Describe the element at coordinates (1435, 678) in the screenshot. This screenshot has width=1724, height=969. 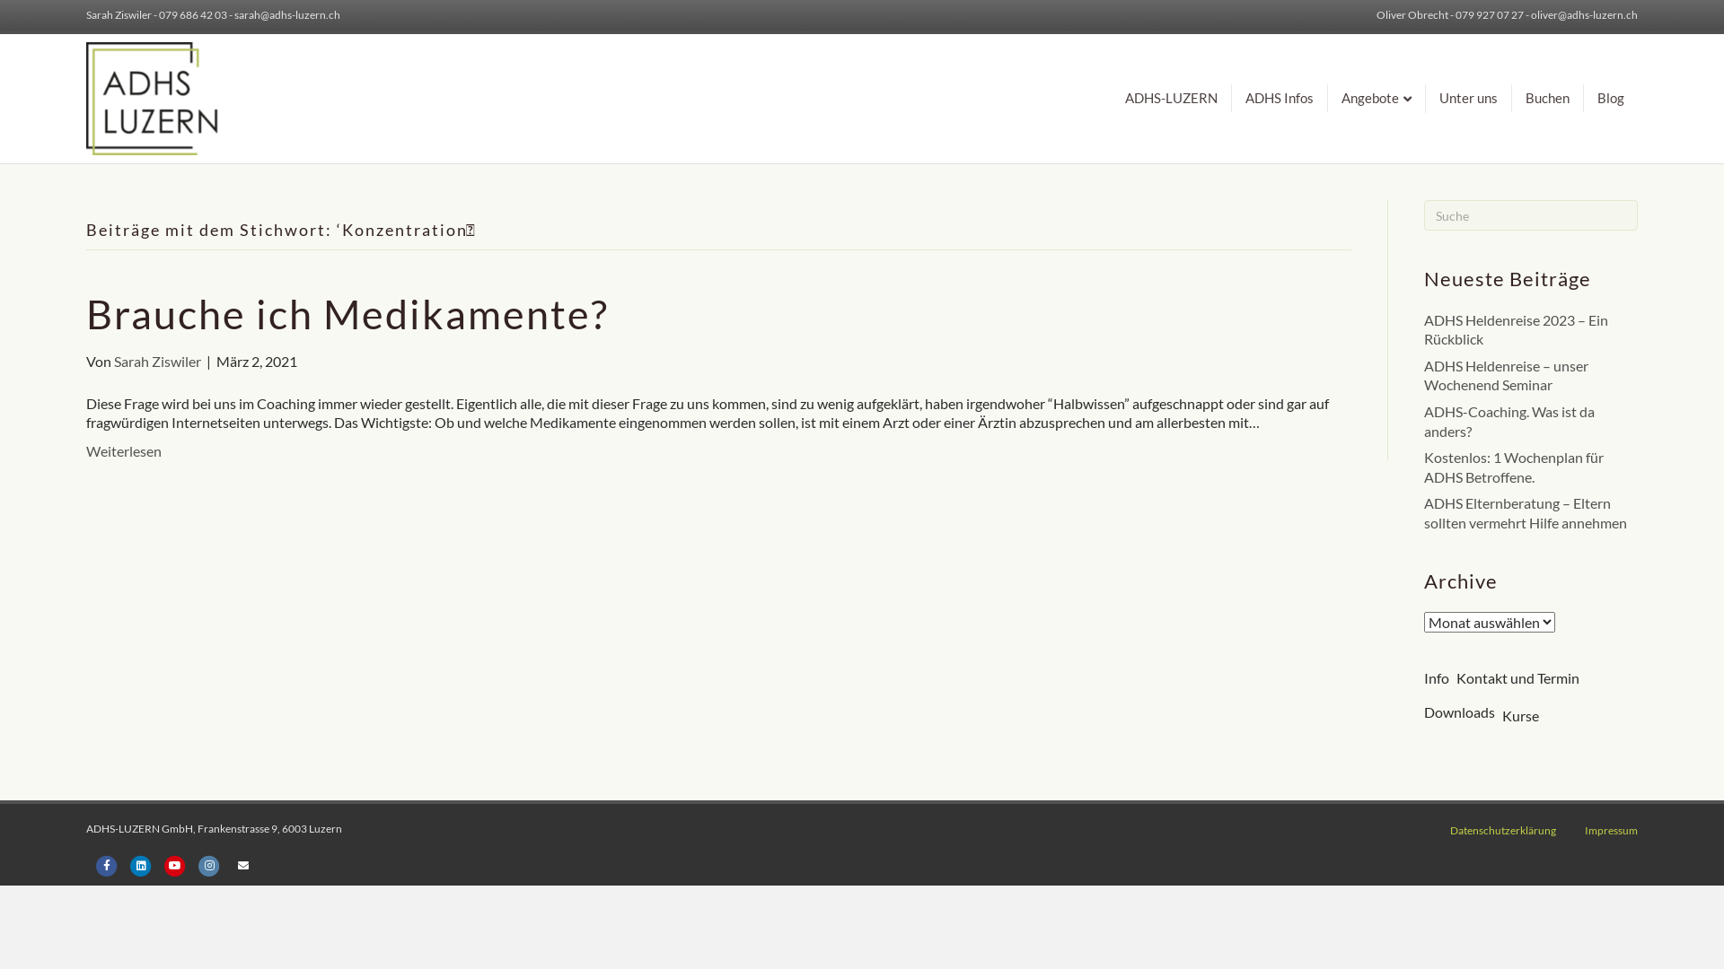
I see `'Info'` at that location.